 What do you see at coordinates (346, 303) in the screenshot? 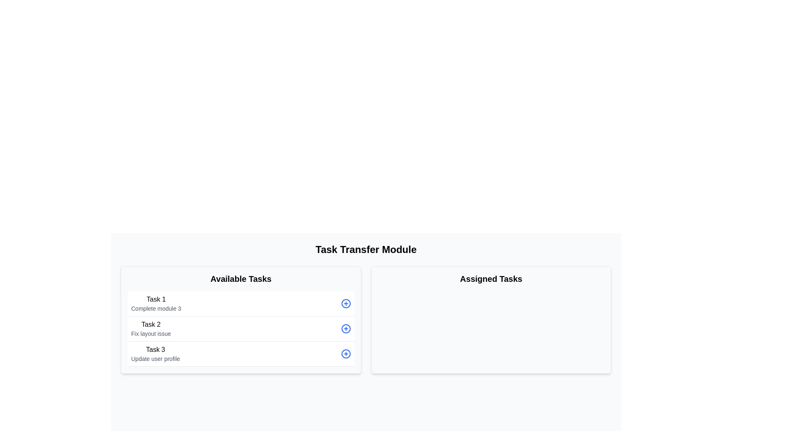
I see `the circular outline of the Vector graphic component located within the 'Available Tasks' panel, right of 'Task 1'` at bounding box center [346, 303].